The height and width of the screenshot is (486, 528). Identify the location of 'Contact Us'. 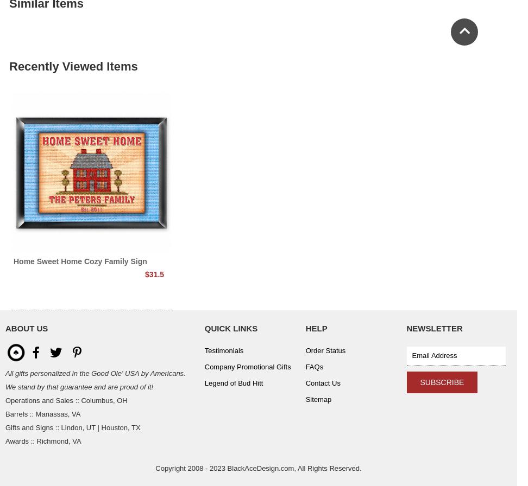
(305, 383).